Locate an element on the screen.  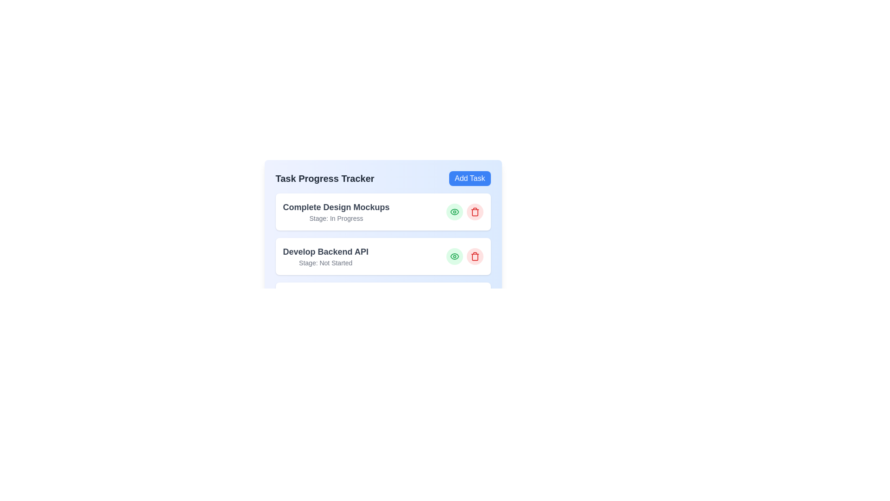
'Eye' button for the task 'Complete Design Mockups' is located at coordinates (454, 212).